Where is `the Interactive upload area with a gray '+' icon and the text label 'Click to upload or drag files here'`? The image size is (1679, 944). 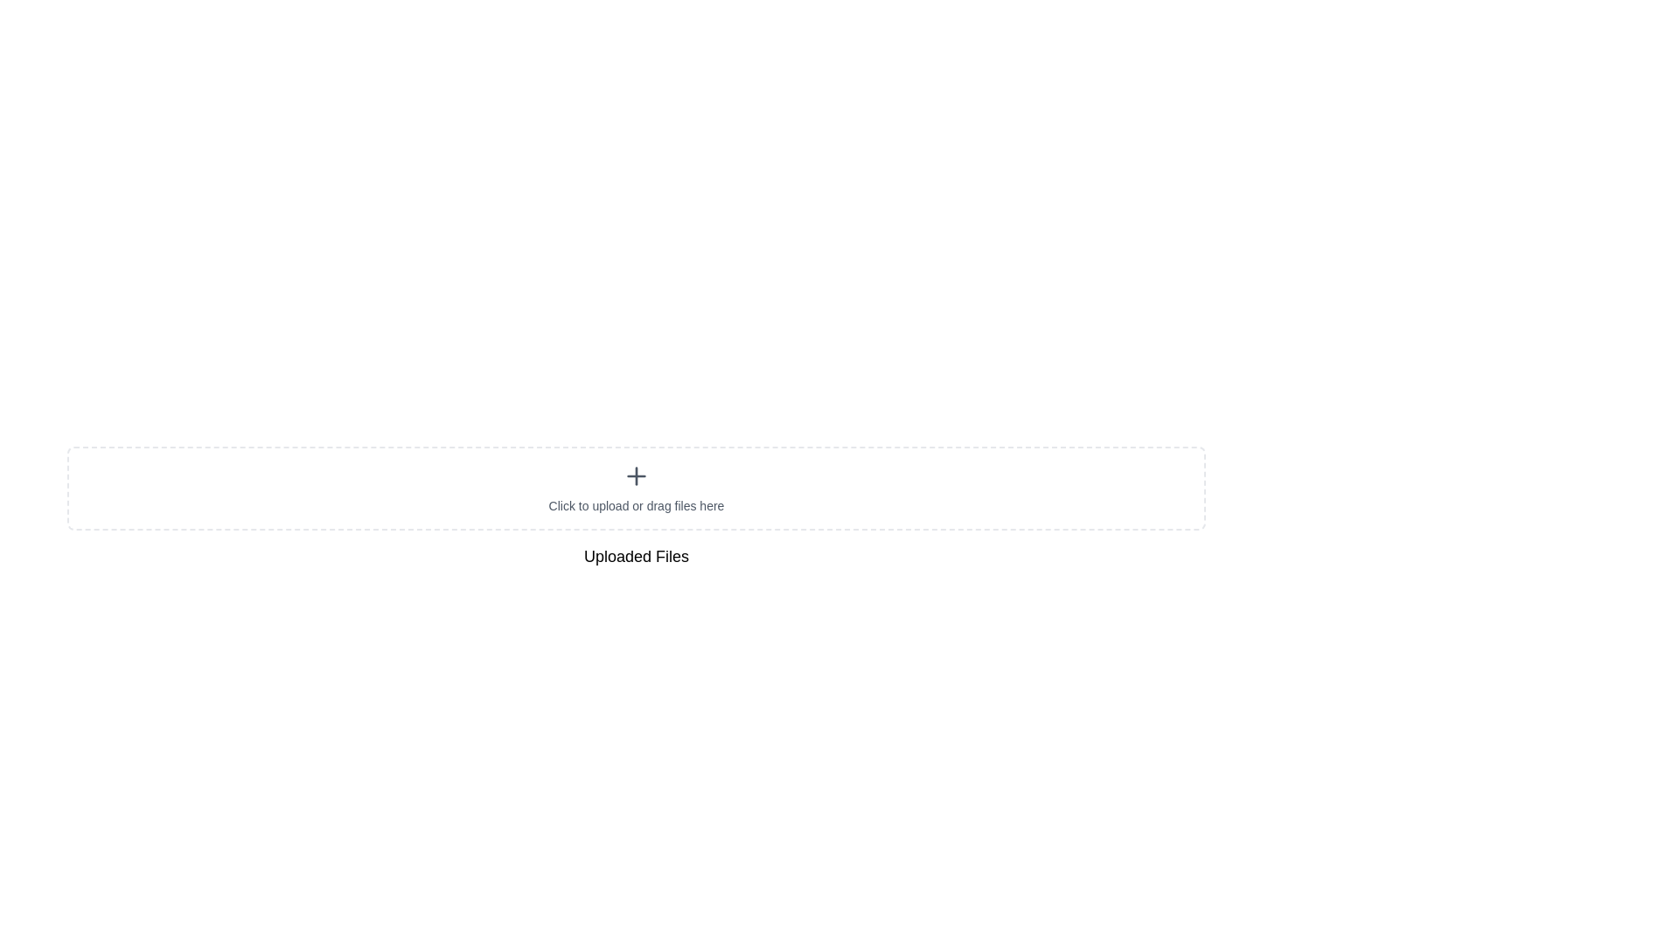
the Interactive upload area with a gray '+' icon and the text label 'Click to upload or drag files here' is located at coordinates (636, 489).